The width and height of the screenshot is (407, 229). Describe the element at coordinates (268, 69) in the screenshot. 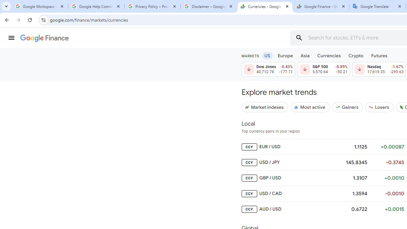

I see `'Dow Jones 40,712.78 Down by 0.43% -177.71'` at that location.